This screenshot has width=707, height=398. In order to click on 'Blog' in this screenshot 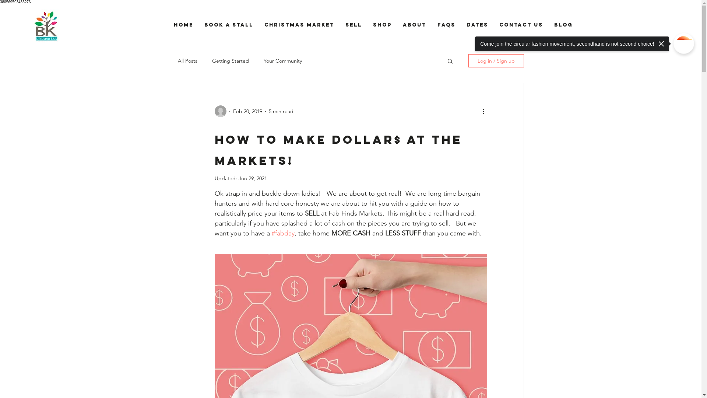, I will do `click(563, 25)`.